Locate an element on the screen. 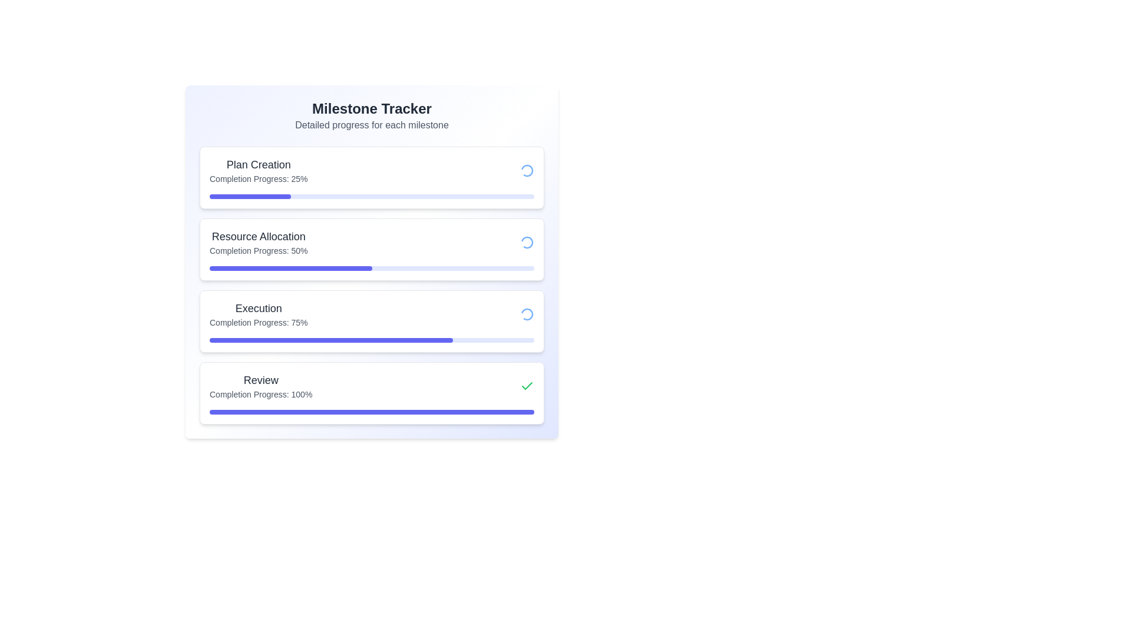 This screenshot has width=1131, height=636. the display text element showing 'Execution' and 'Completion Progress: 75%' which is the third entry in the progress report list is located at coordinates (258, 313).